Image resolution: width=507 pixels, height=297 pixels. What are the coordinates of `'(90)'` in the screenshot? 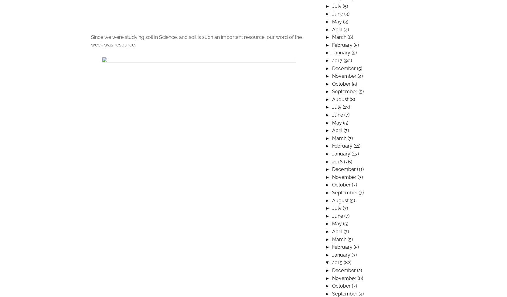 It's located at (347, 60).